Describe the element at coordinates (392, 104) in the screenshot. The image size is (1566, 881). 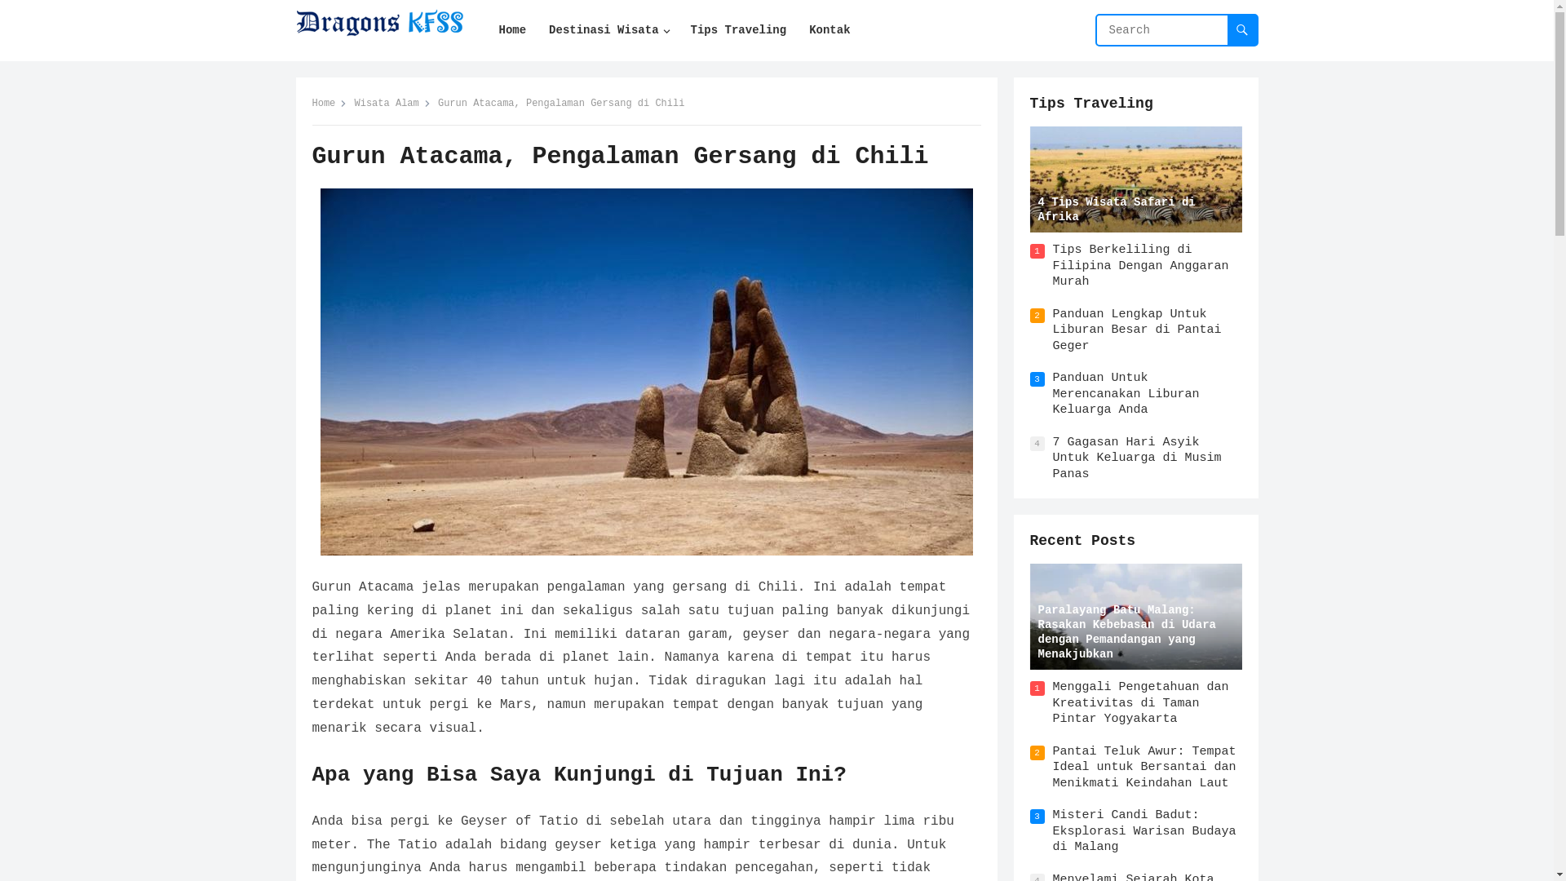
I see `'Wisata Alam'` at that location.